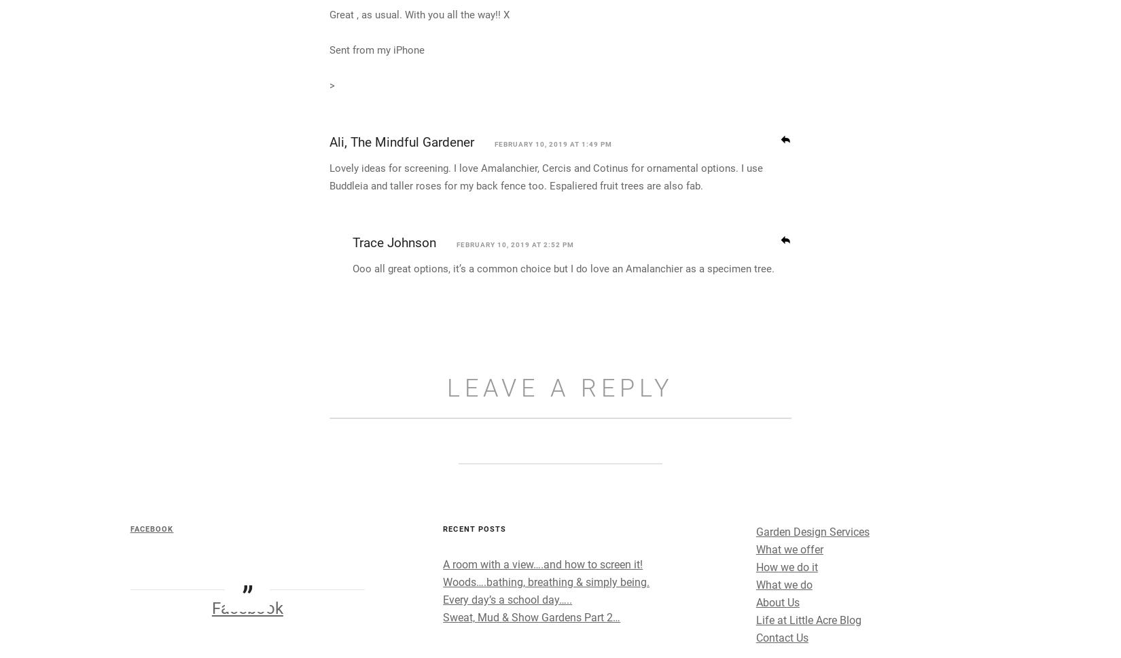 This screenshot has width=1121, height=658. What do you see at coordinates (559, 29) in the screenshot?
I see `'3 Comments'` at bounding box center [559, 29].